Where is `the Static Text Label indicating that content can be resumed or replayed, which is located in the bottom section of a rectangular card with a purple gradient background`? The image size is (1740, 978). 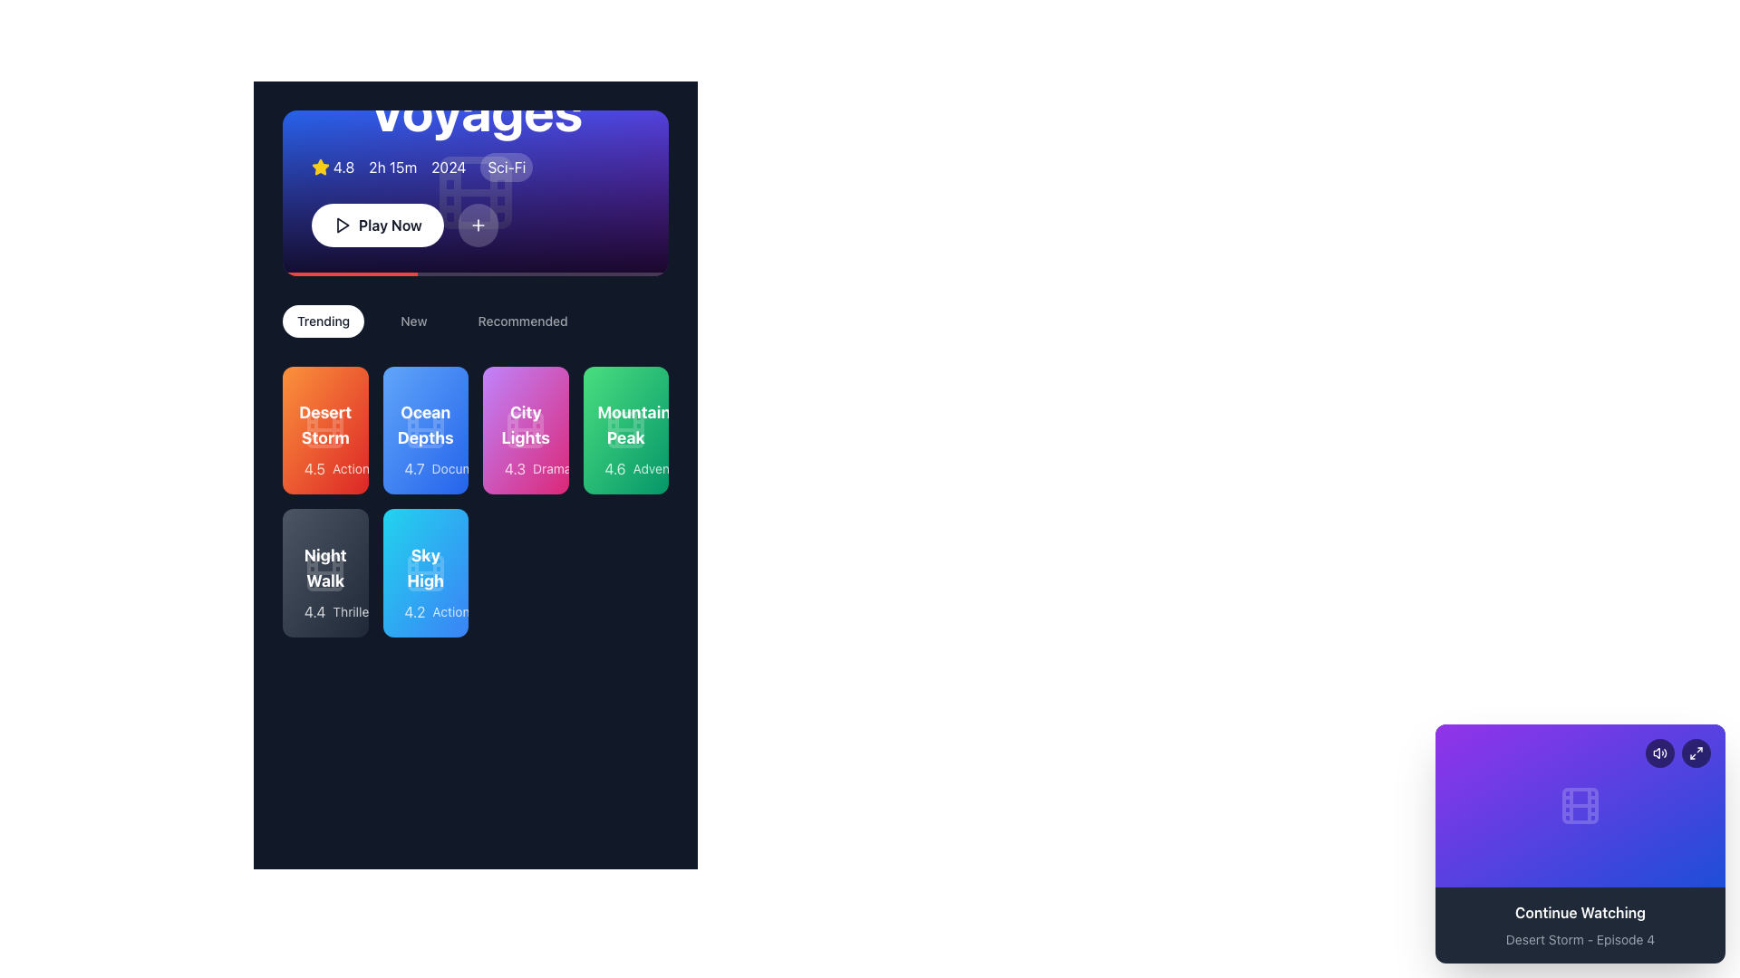 the Static Text Label indicating that content can be resumed or replayed, which is located in the bottom section of a rectangular card with a purple gradient background is located at coordinates (1579, 912).